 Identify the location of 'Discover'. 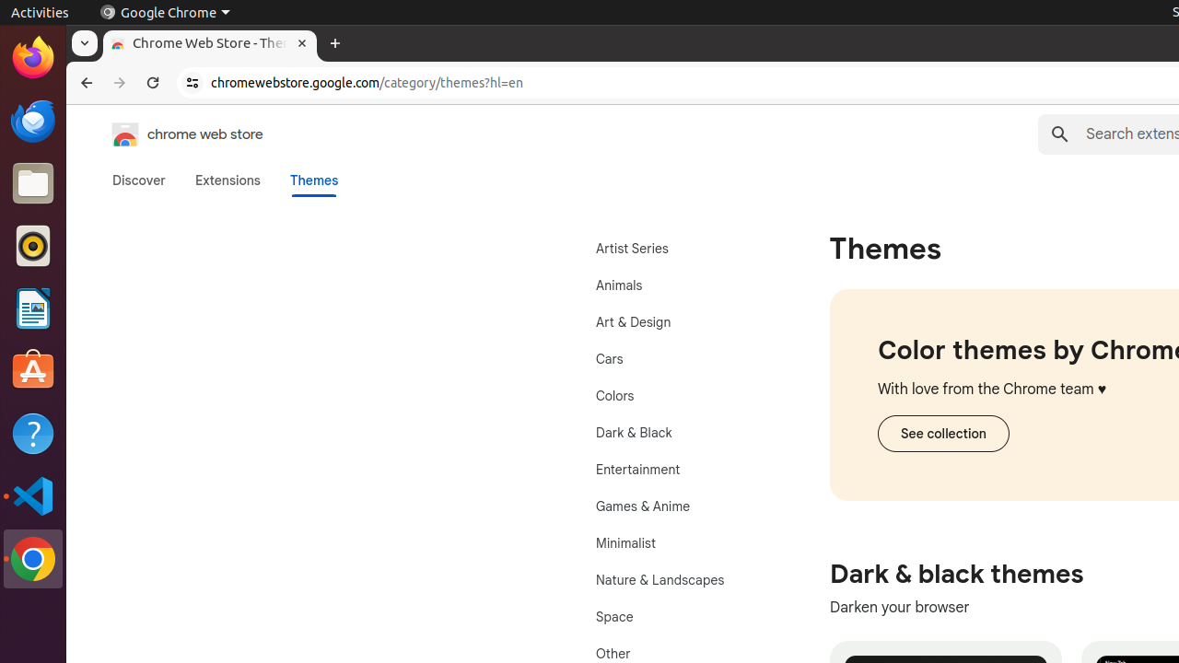
(138, 180).